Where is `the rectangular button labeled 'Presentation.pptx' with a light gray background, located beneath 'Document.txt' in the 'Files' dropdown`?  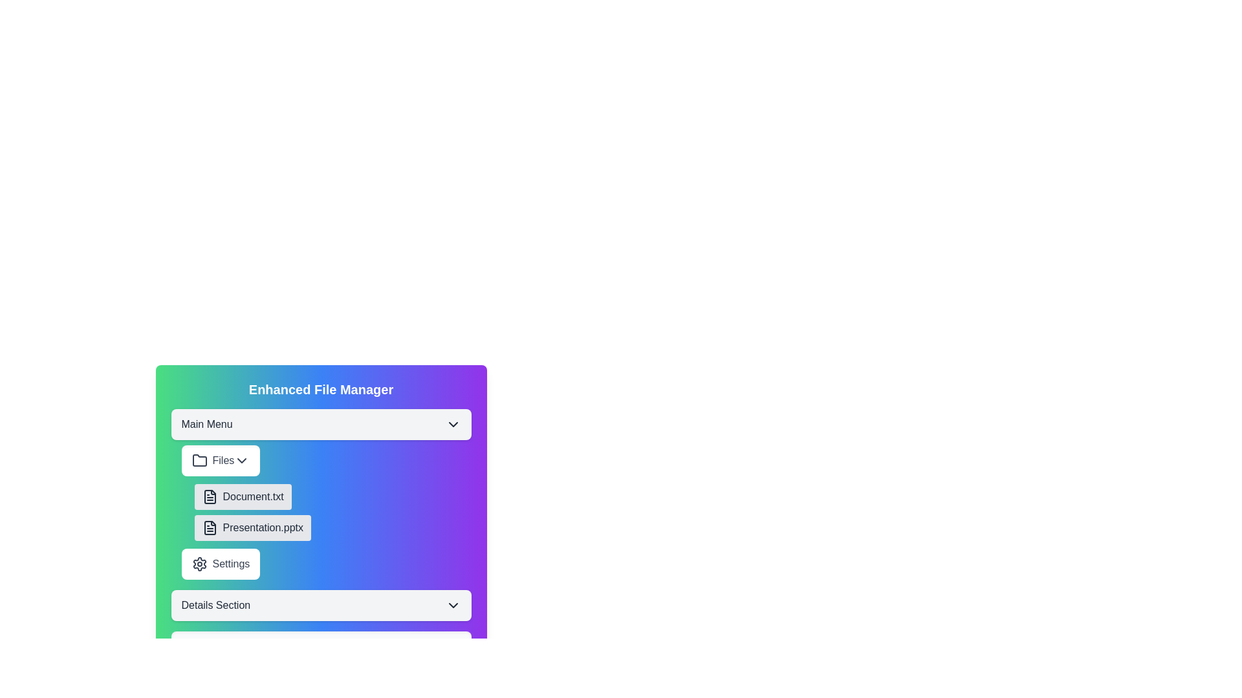 the rectangular button labeled 'Presentation.pptx' with a light gray background, located beneath 'Document.txt' in the 'Files' dropdown is located at coordinates (252, 528).